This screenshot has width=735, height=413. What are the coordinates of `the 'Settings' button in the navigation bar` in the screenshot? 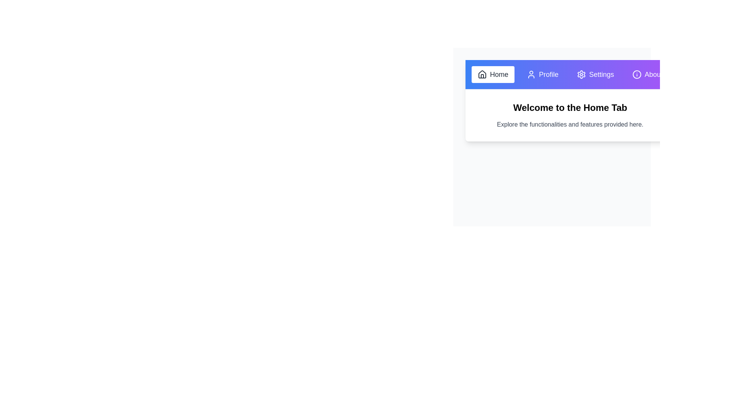 It's located at (595, 75).